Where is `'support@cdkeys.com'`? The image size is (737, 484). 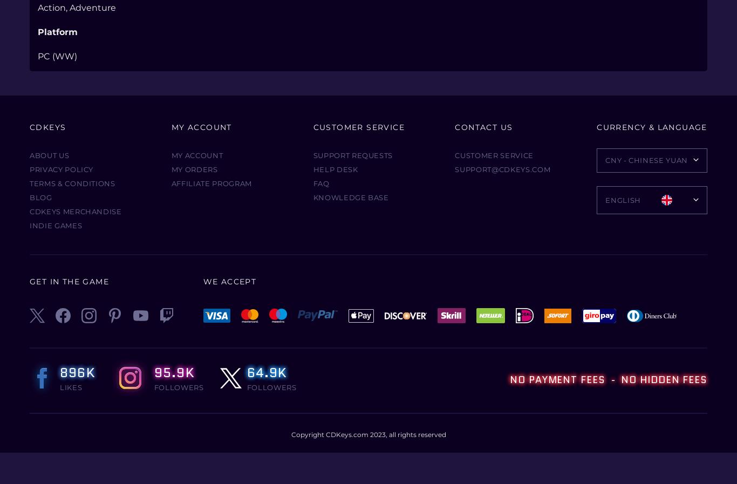
'support@cdkeys.com' is located at coordinates (454, 169).